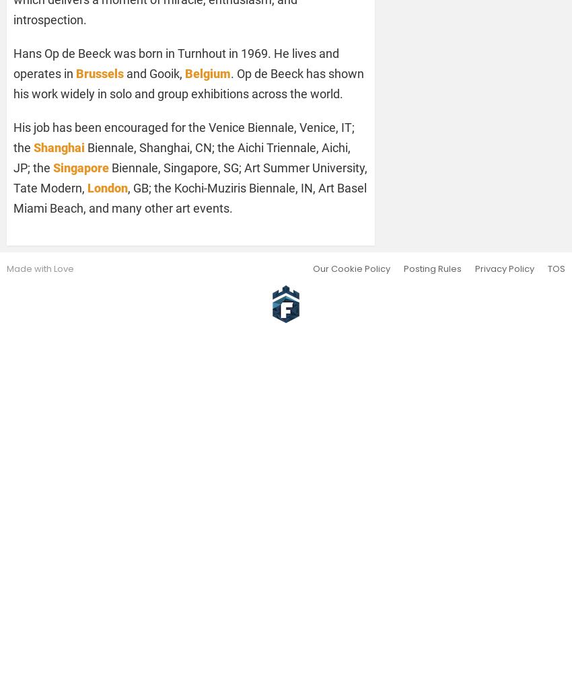 The height and width of the screenshot is (673, 572). I want to click on 'Belgium', so click(207, 72).